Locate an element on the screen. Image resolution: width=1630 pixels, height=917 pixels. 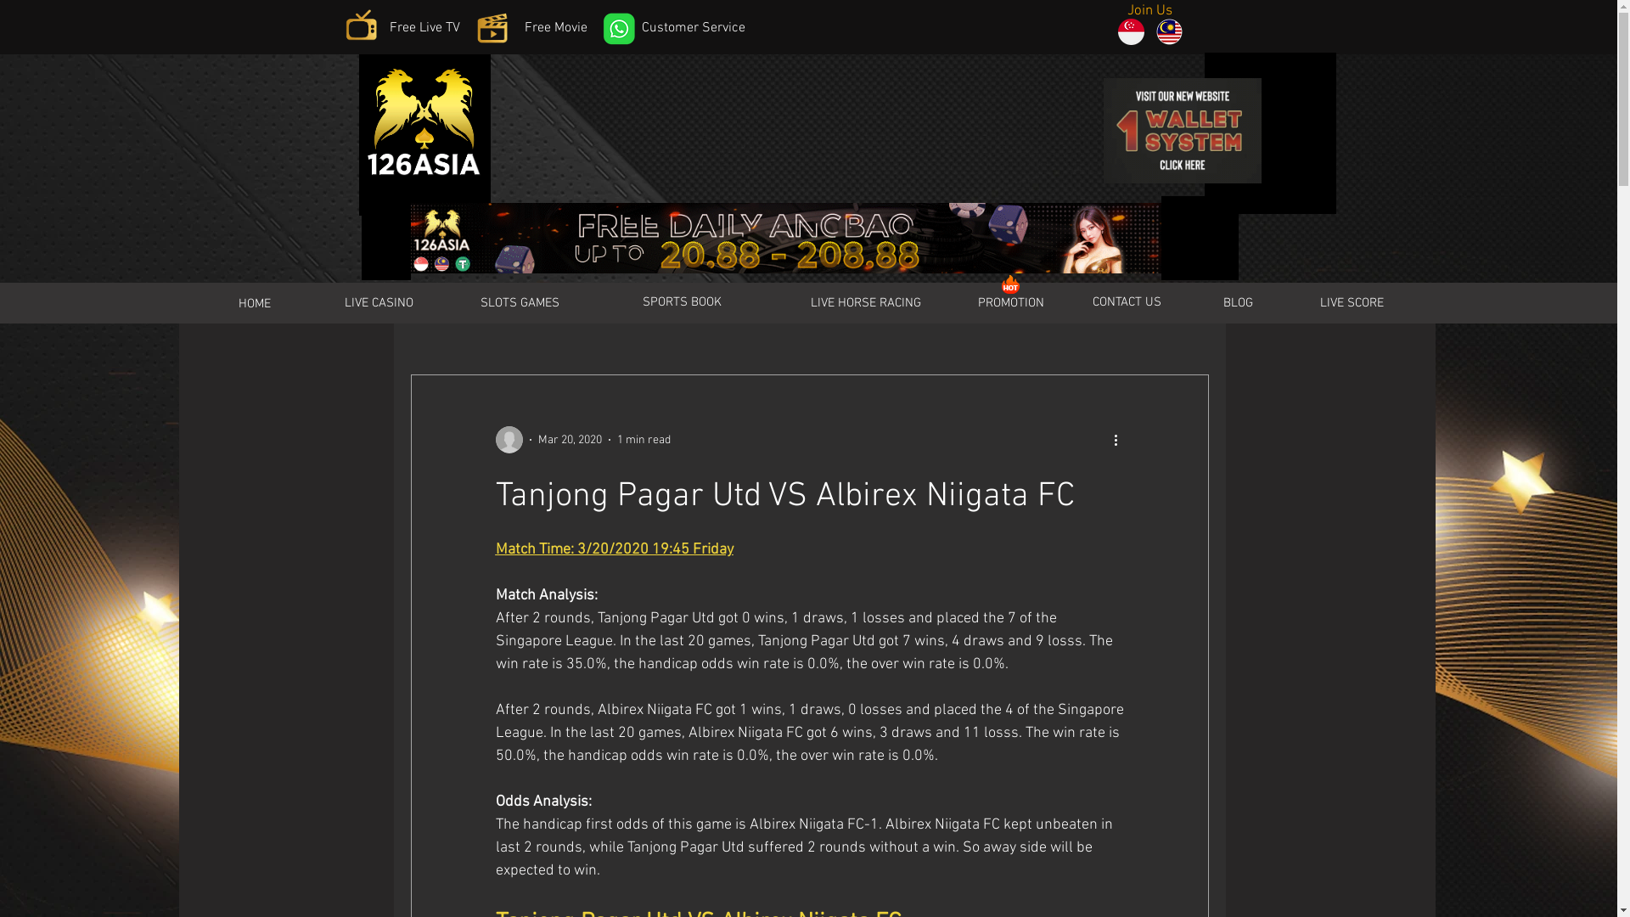
'LIVE SCORE' is located at coordinates (1352, 302).